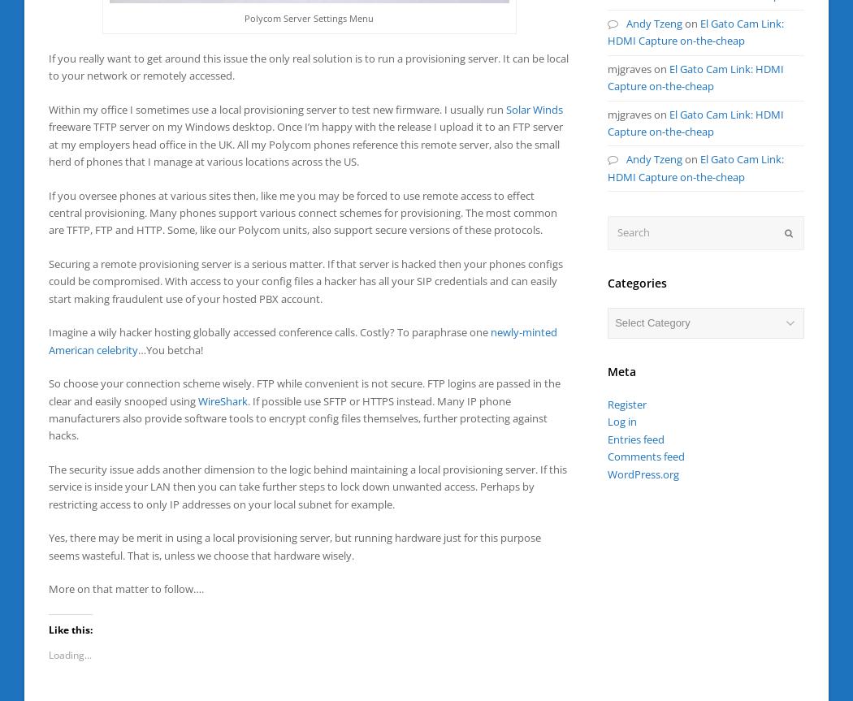 The image size is (853, 701). Describe the element at coordinates (293, 545) in the screenshot. I see `'Yes, there may be merit in using a local provisioning server, but running hardware just for this purpose seems wasteful. That is, unless we choose that hardware wisely.'` at that location.